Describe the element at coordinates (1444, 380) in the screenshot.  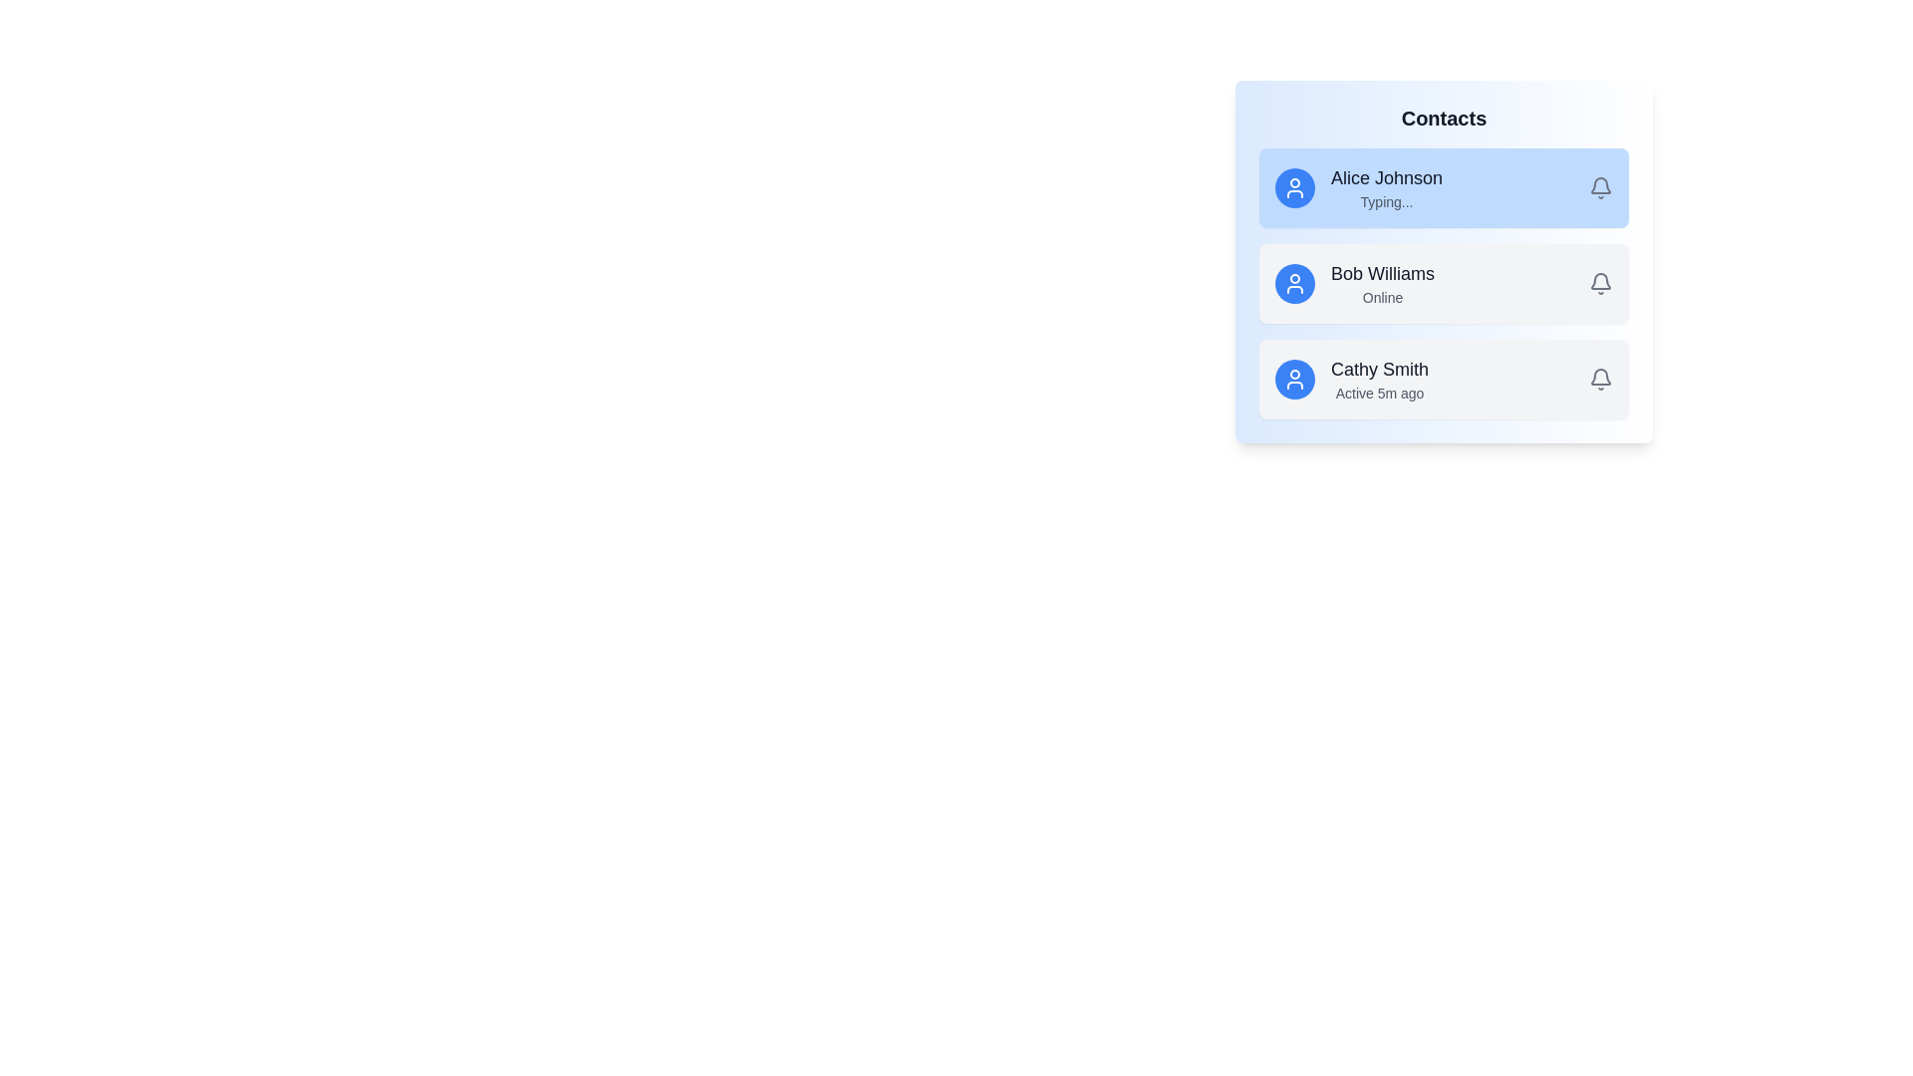
I see `the displayed information of the third contact entry in the list, which shows a user's status and options like notifications via the bell icon` at that location.